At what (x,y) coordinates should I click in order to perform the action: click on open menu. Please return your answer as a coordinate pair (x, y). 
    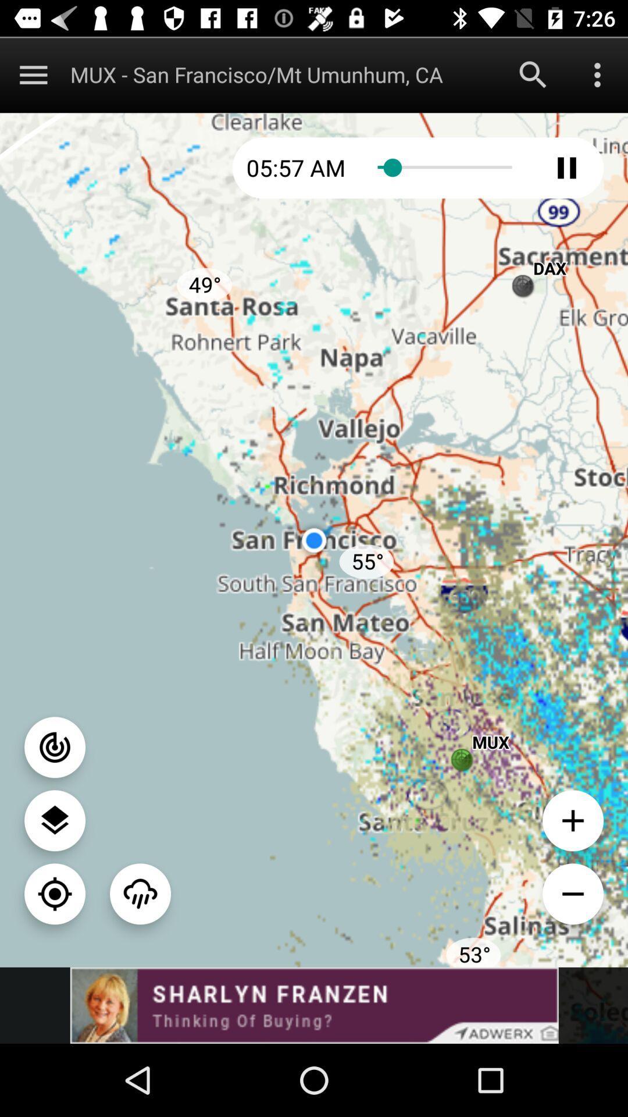
    Looking at the image, I should click on (33, 74).